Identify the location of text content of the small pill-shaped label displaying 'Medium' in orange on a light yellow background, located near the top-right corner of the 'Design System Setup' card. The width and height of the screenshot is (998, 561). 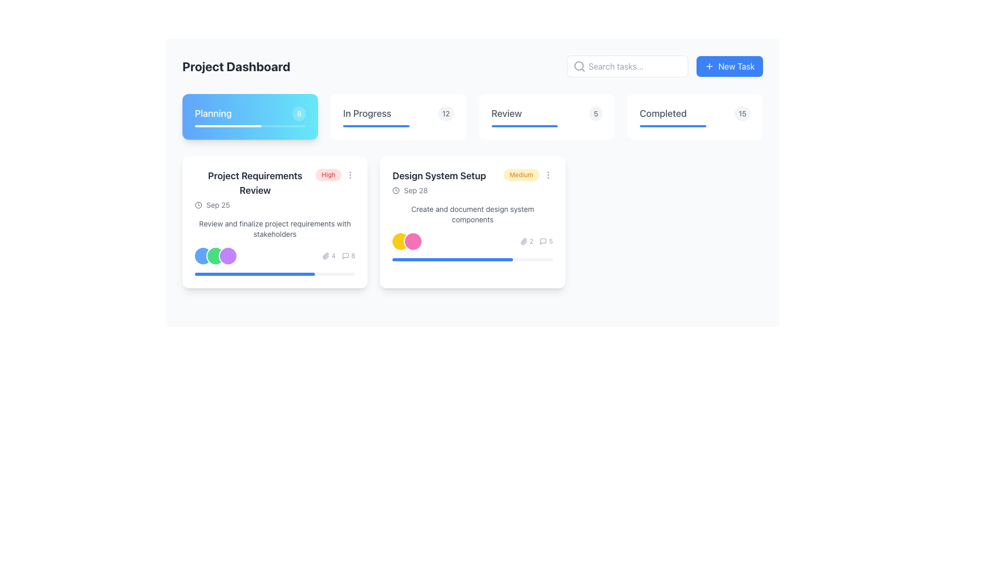
(528, 174).